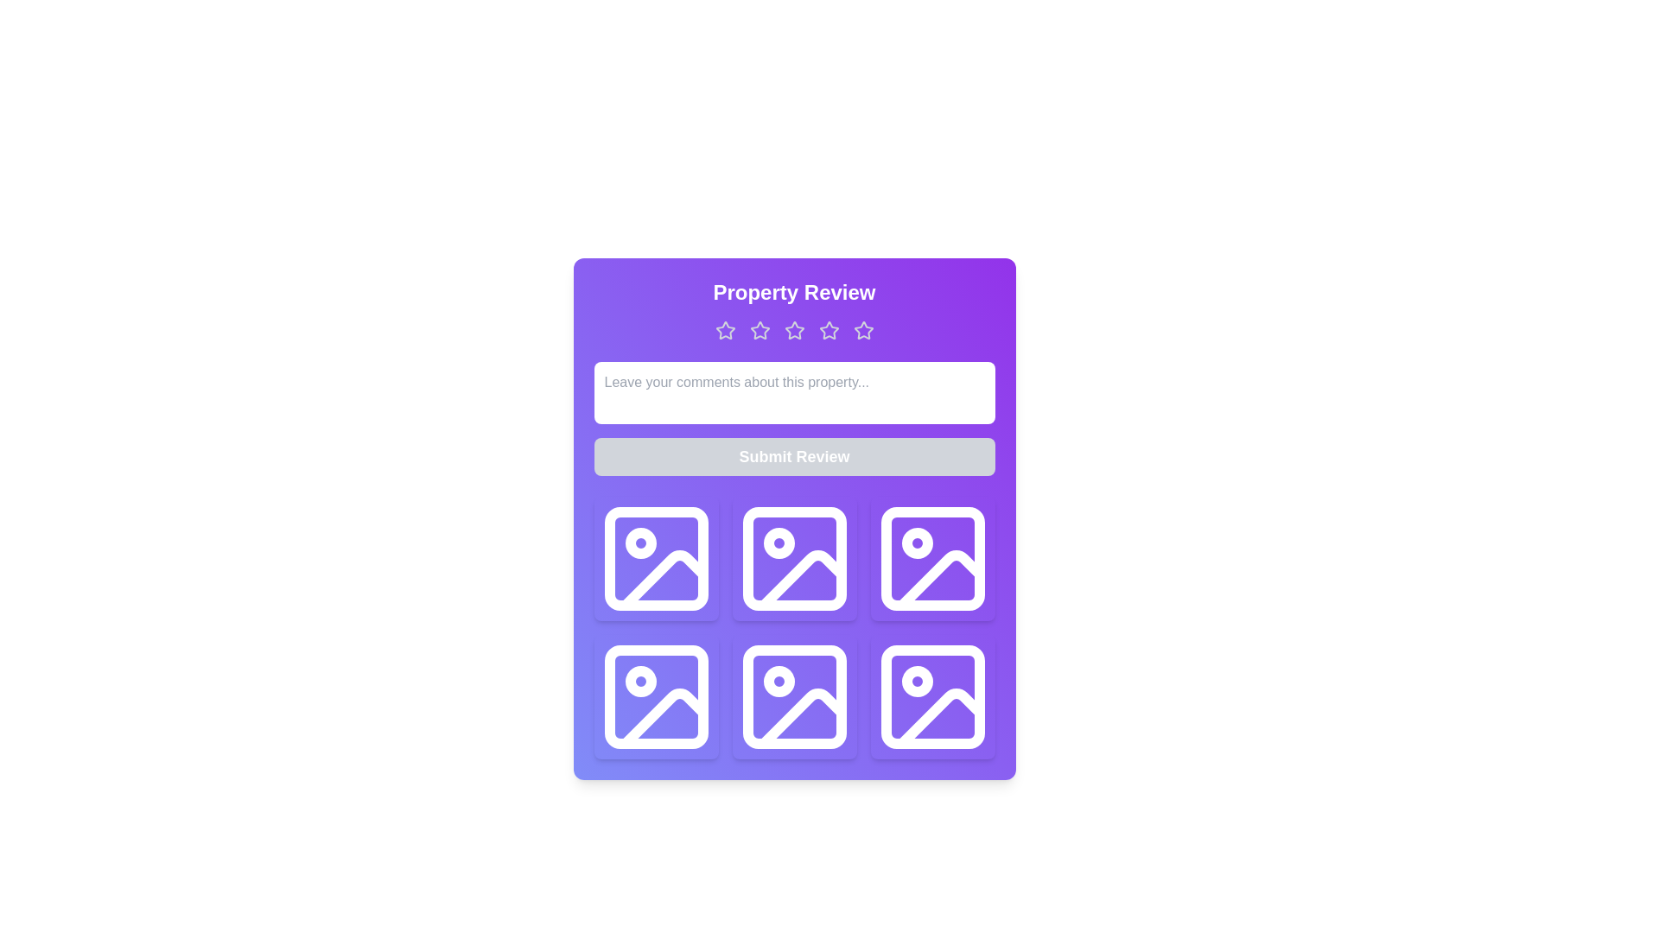 Image resolution: width=1659 pixels, height=933 pixels. Describe the element at coordinates (793, 330) in the screenshot. I see `the rating to 3 stars by clicking on the corresponding star` at that location.